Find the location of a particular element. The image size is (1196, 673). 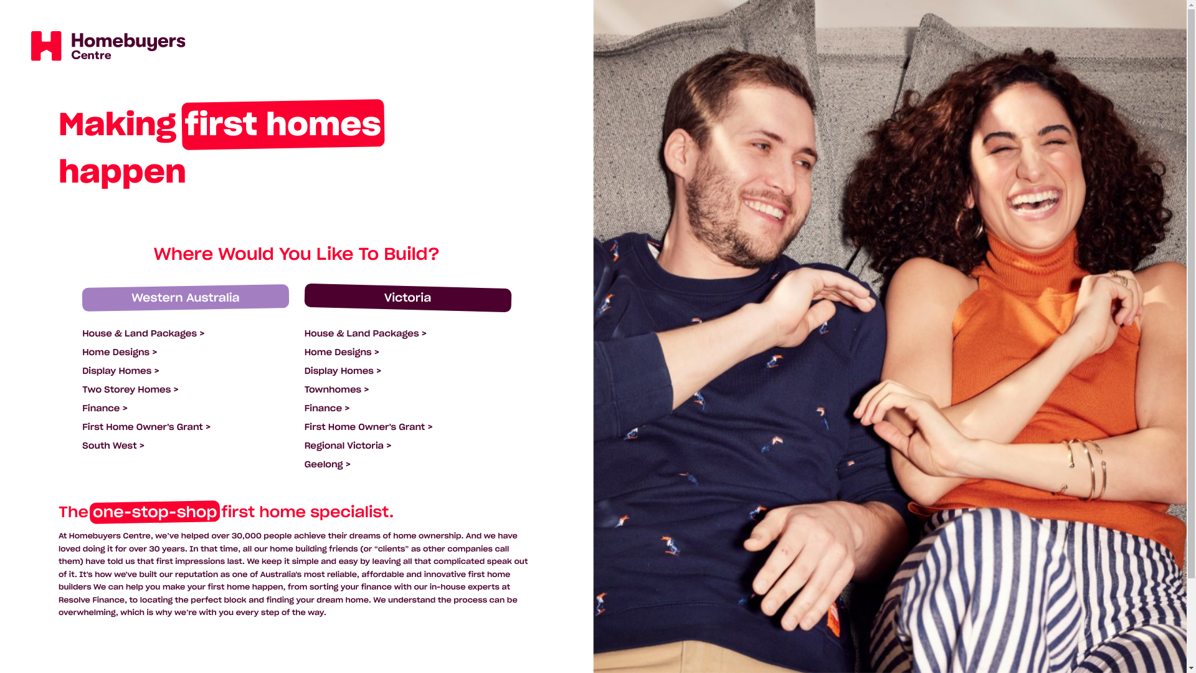

'Display Homes >' is located at coordinates (343, 370).